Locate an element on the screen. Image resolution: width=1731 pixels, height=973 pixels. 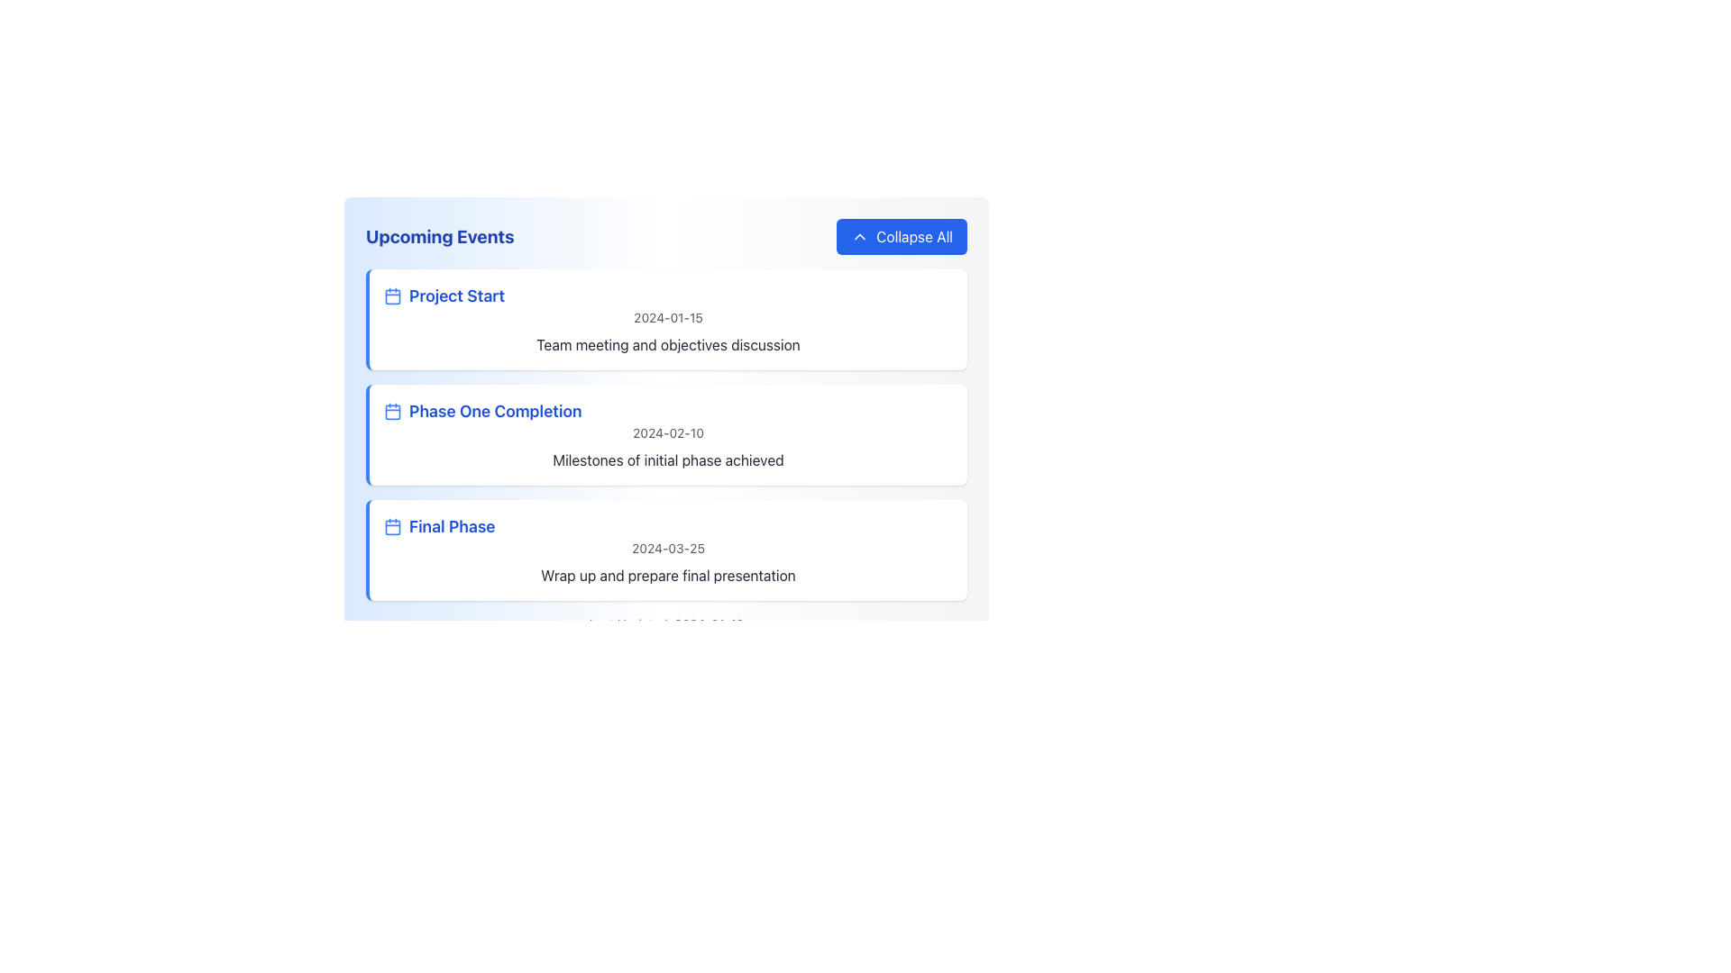
the SVG chevron icon that indicates the collapse functionality of the 'Collapse All' button located in the top-right corner of the interface is located at coordinates (859, 235).